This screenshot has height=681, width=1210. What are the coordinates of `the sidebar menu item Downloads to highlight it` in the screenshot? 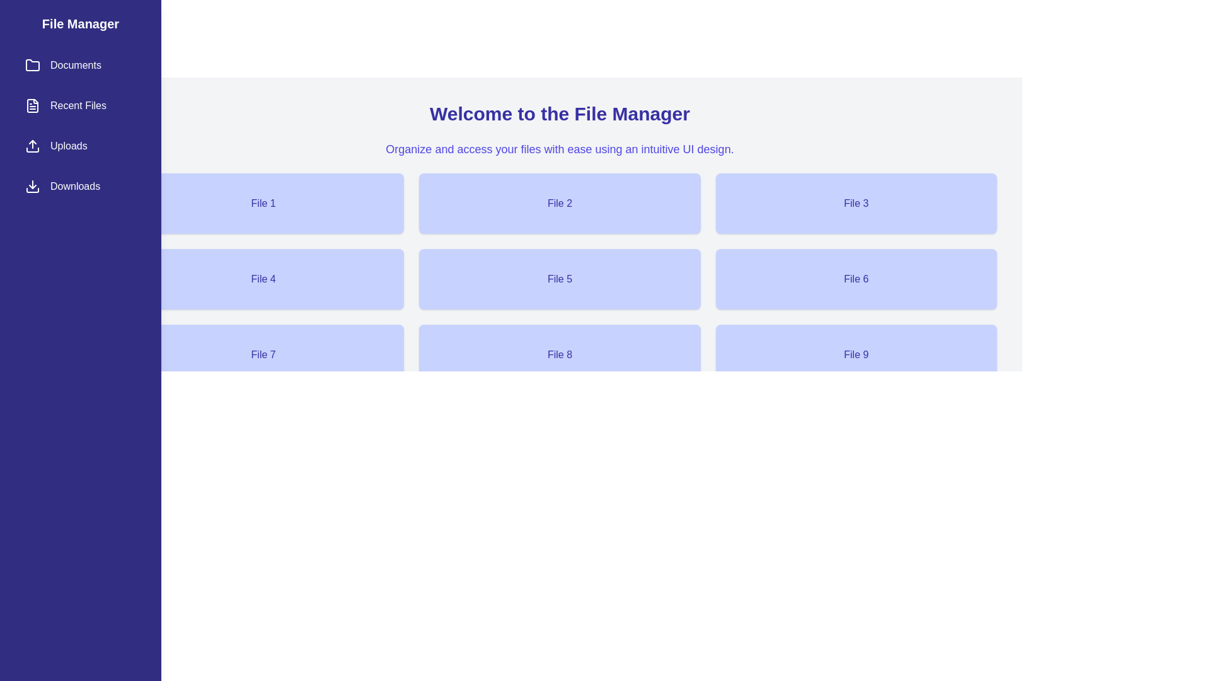 It's located at (80, 187).